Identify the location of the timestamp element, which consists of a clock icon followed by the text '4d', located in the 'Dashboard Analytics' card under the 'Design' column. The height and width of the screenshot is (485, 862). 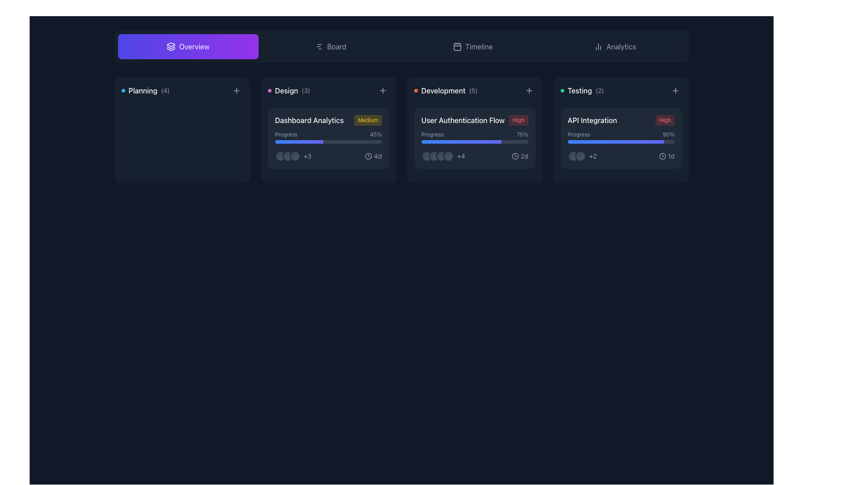
(373, 155).